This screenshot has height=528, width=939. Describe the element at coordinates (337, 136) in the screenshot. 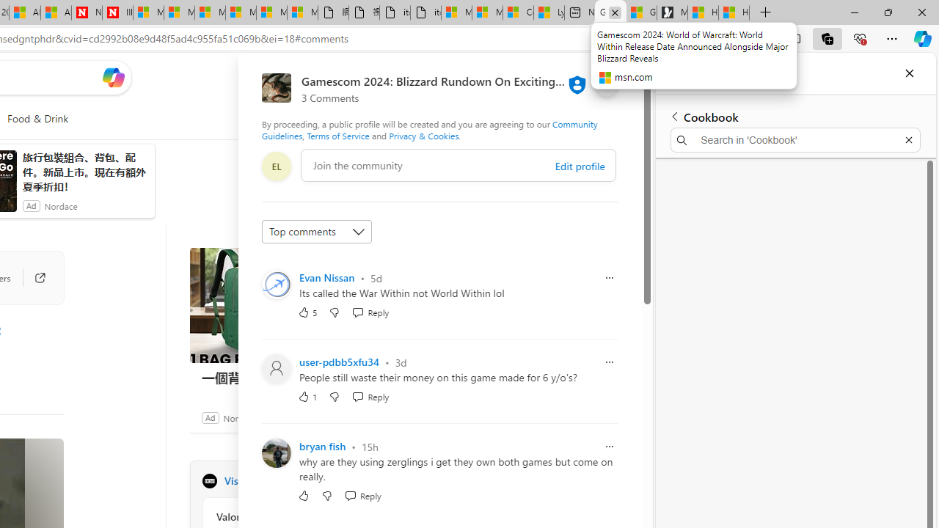

I see `'Terms of Service'` at that location.